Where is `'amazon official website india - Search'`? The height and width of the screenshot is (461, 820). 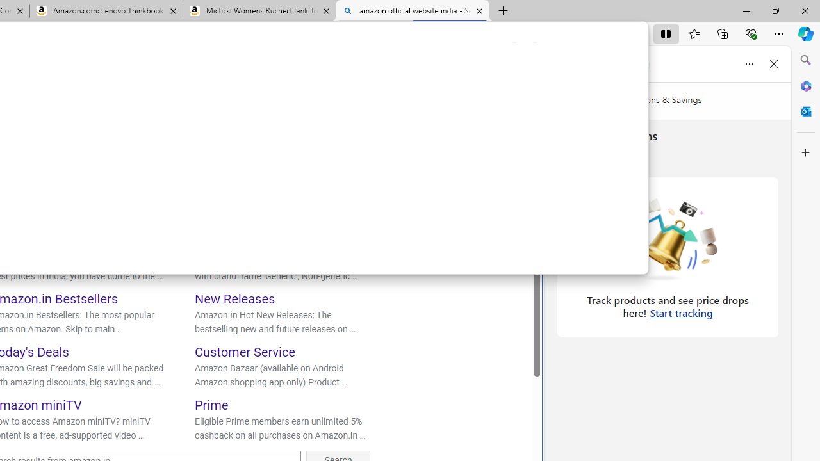
'amazon official website india - Search' is located at coordinates (412, 11).